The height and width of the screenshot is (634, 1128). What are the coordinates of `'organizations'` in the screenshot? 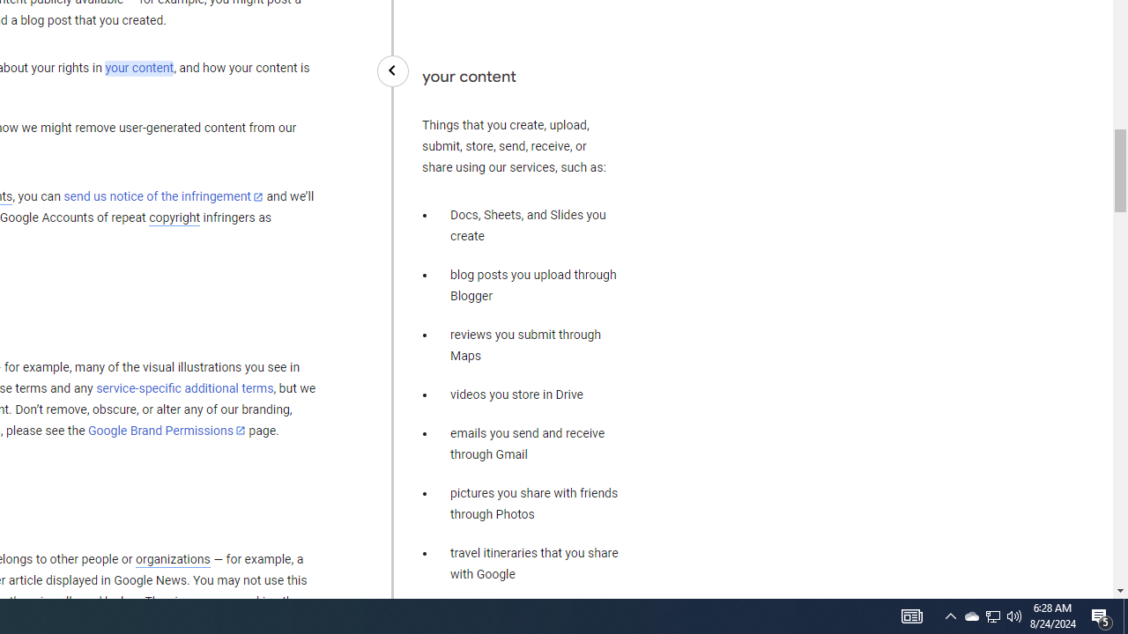 It's located at (173, 559).